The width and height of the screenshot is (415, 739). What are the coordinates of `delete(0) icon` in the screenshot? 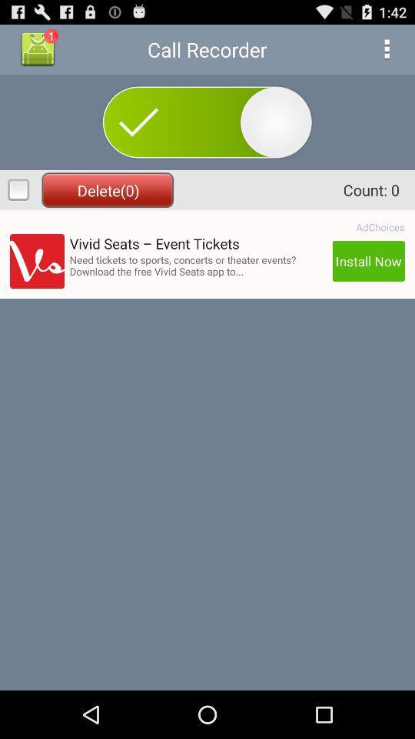 It's located at (107, 189).